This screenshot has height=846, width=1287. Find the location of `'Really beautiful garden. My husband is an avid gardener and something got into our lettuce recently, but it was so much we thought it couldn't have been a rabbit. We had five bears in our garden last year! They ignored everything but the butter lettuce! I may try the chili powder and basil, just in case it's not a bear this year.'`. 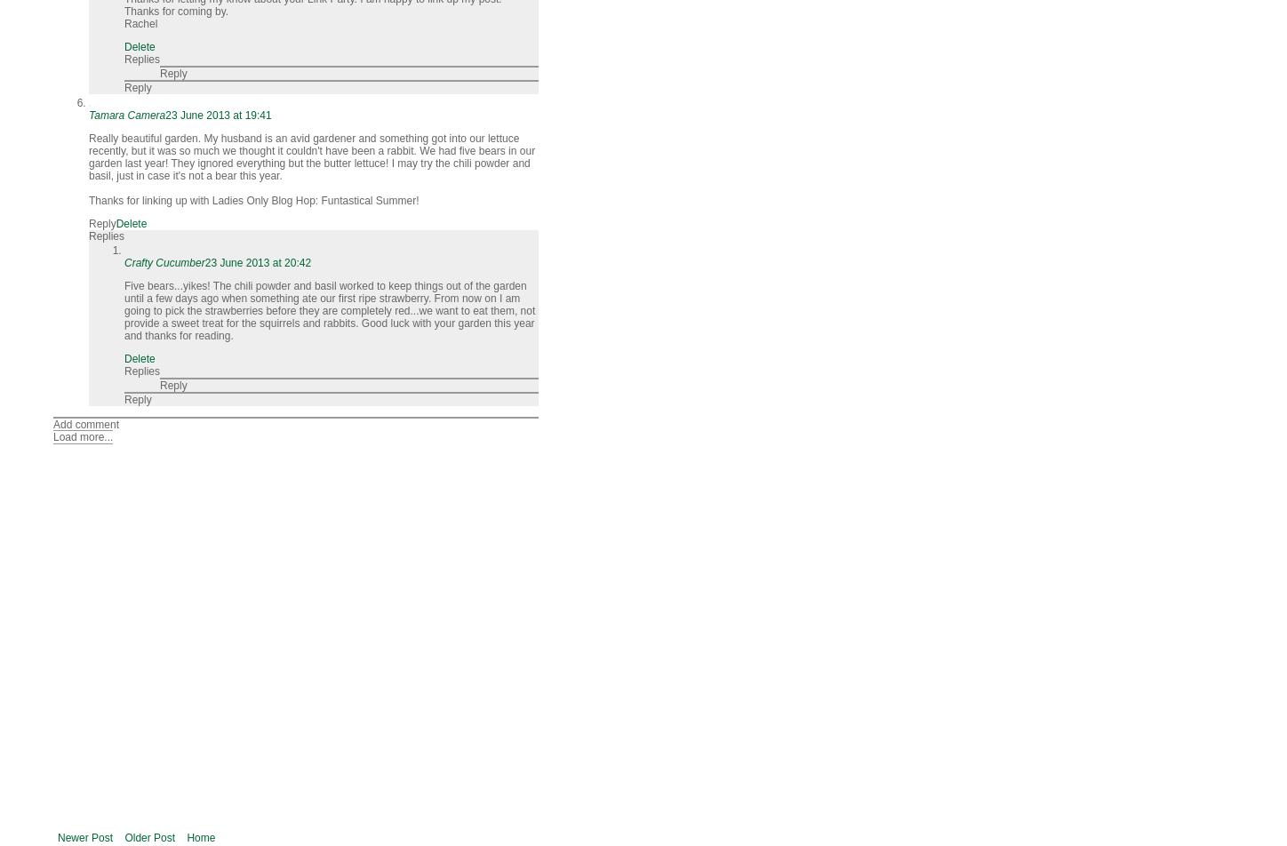

'Really beautiful garden. My husband is an avid gardener and something got into our lettuce recently, but it was so much we thought it couldn't have been a rabbit. We had five bears in our garden last year! They ignored everything but the butter lettuce! I may try the chili powder and basil, just in case it's not a bear this year.' is located at coordinates (310, 156).